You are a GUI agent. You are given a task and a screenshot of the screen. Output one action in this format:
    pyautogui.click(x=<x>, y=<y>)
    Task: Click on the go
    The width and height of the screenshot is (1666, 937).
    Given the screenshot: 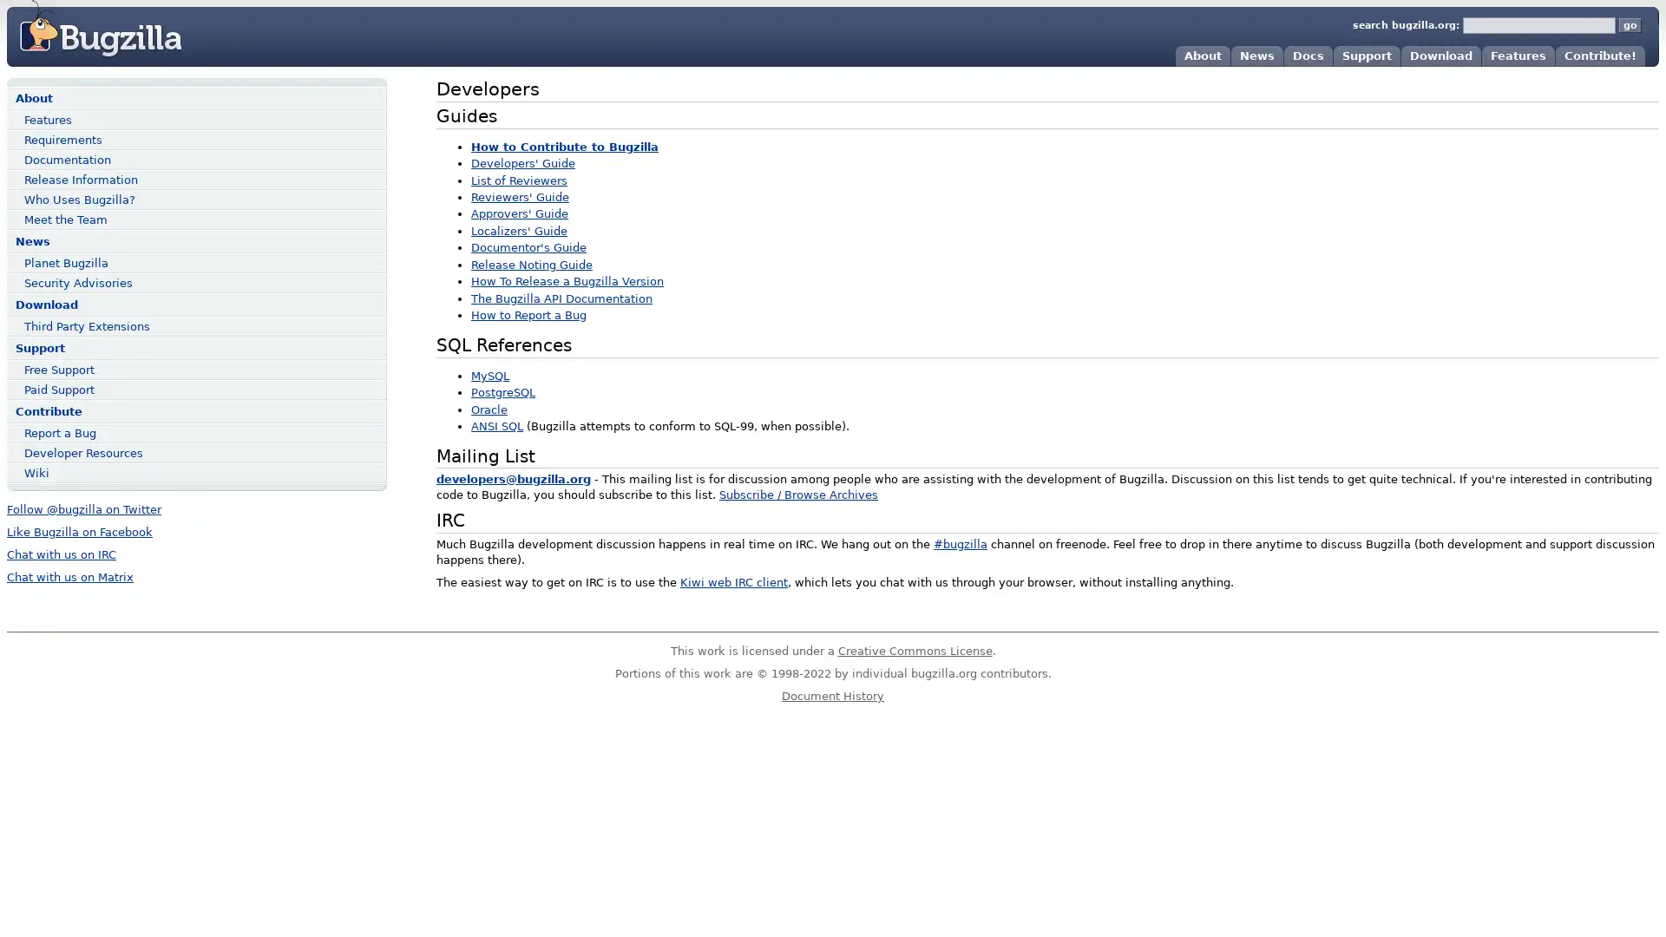 What is the action you would take?
    pyautogui.click(x=1629, y=25)
    